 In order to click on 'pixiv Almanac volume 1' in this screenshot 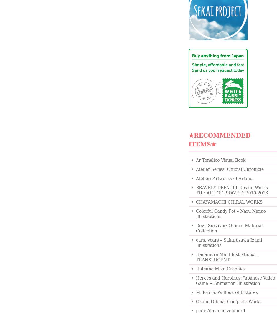, I will do `click(220, 311)`.